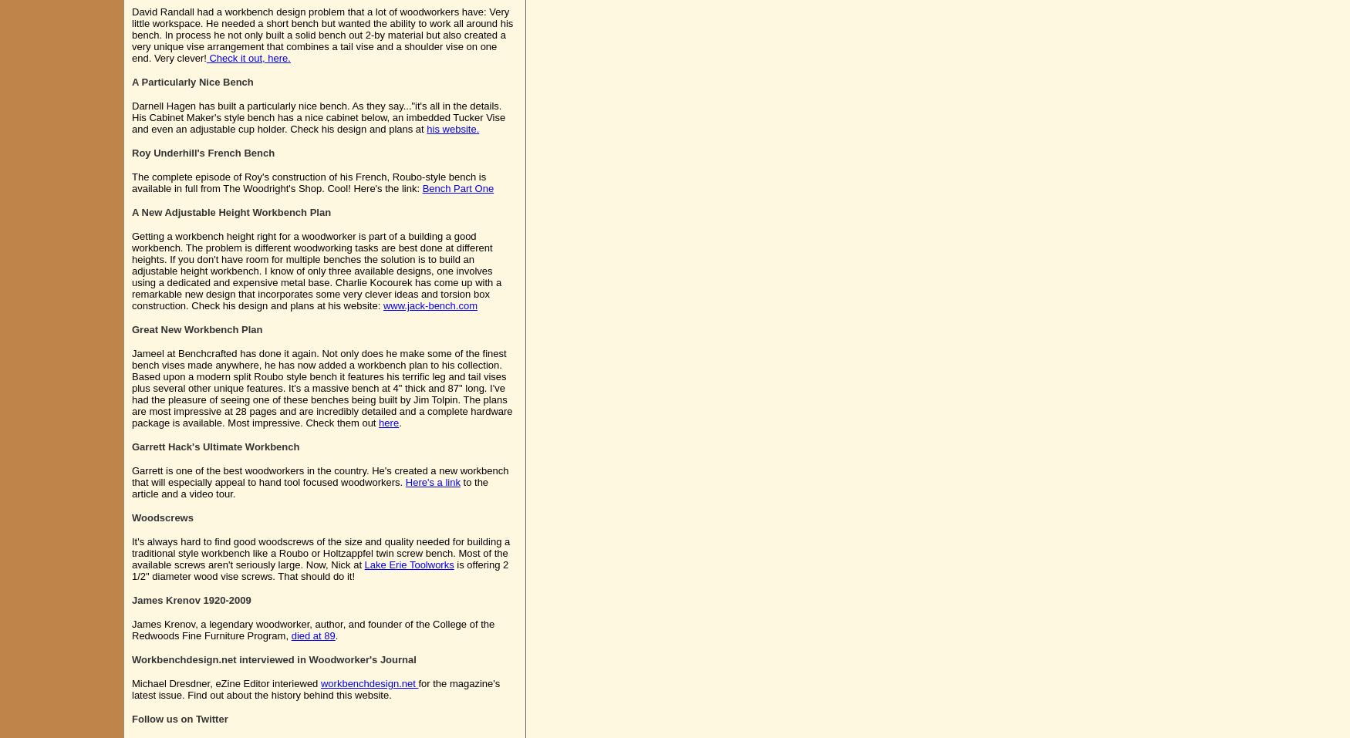 This screenshot has height=738, width=1350. Describe the element at coordinates (429, 305) in the screenshot. I see `'www.jack-bench.com'` at that location.